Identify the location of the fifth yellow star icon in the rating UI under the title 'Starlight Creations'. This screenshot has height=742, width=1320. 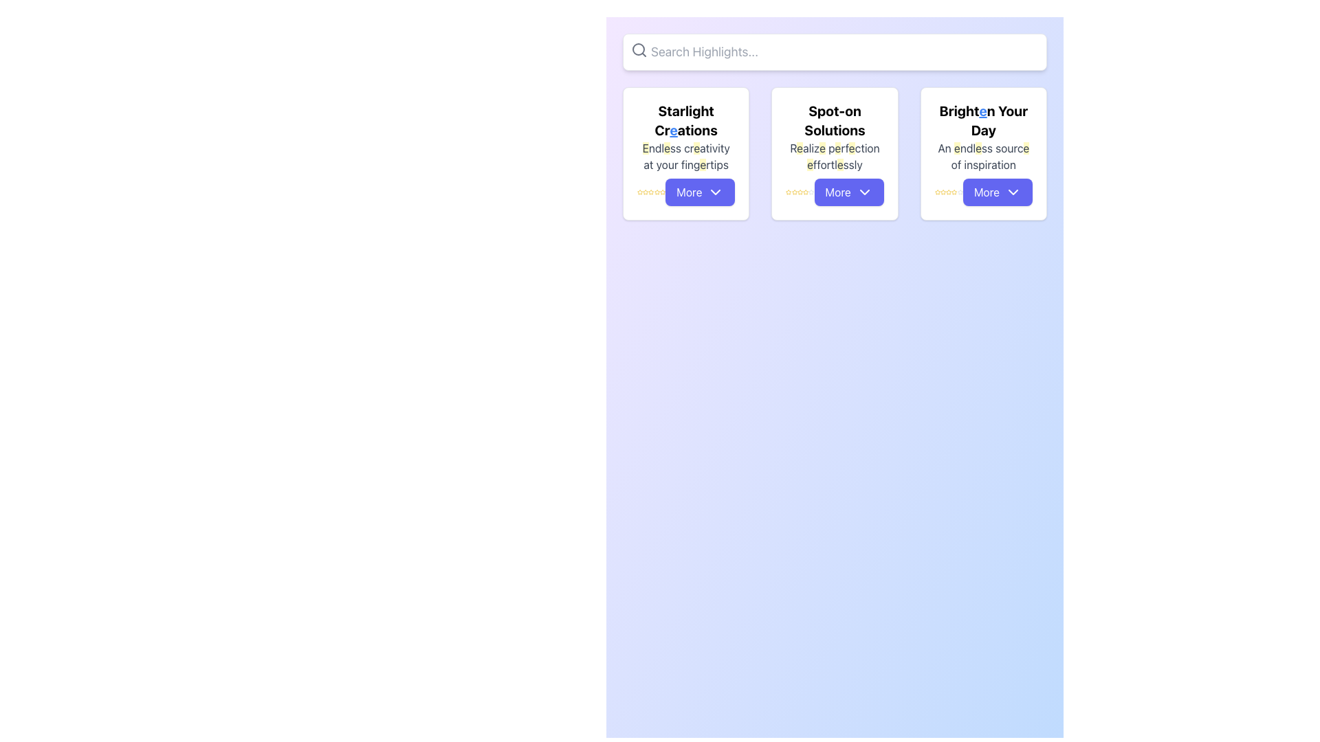
(656, 192).